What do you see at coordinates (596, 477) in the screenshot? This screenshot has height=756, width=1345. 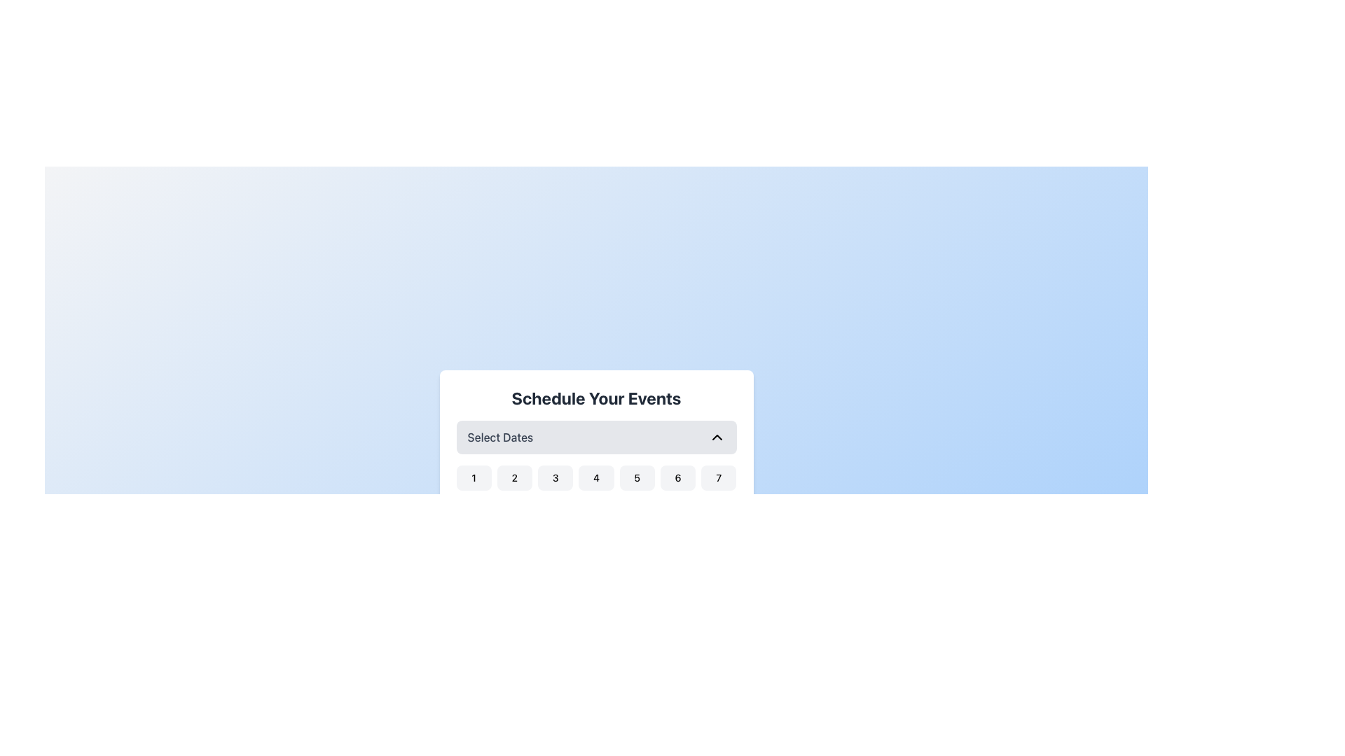 I see `the fourth numeric button in a grid of numbers used for selecting a specific date or count-related option` at bounding box center [596, 477].